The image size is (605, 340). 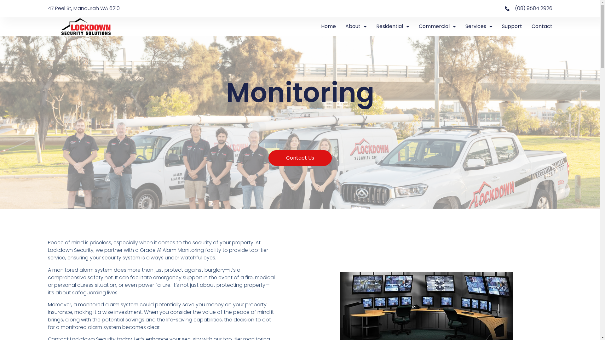 What do you see at coordinates (328, 26) in the screenshot?
I see `'Home'` at bounding box center [328, 26].